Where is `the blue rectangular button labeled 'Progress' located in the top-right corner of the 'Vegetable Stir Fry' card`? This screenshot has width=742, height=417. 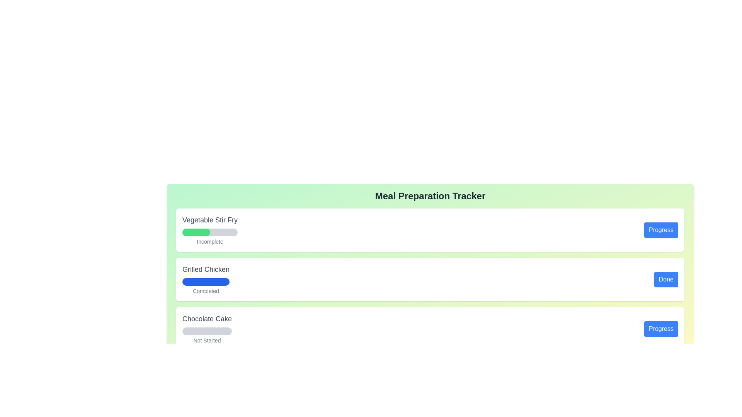 the blue rectangular button labeled 'Progress' located in the top-right corner of the 'Vegetable Stir Fry' card is located at coordinates (660, 230).